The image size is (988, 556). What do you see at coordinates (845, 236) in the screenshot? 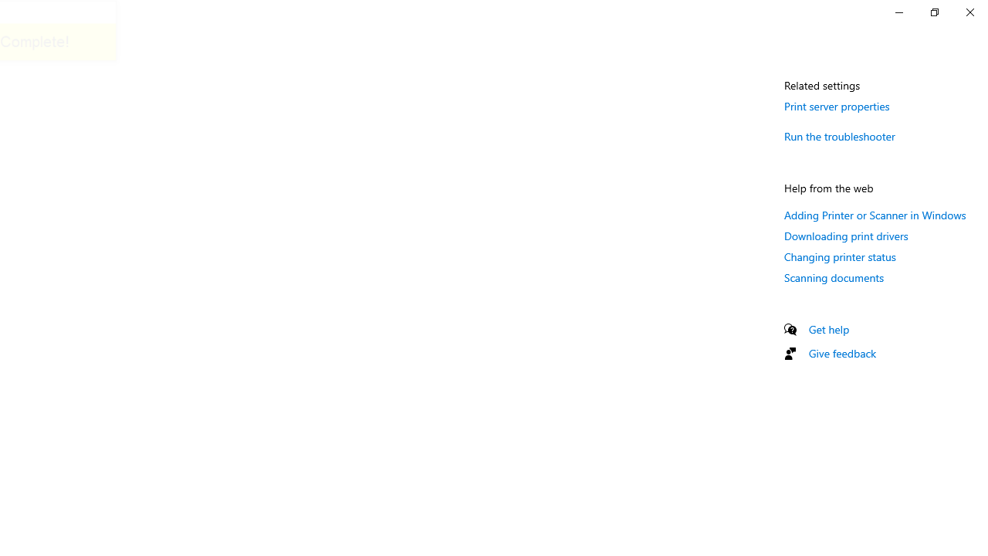
I see `'Downloading print drivers'` at bounding box center [845, 236].